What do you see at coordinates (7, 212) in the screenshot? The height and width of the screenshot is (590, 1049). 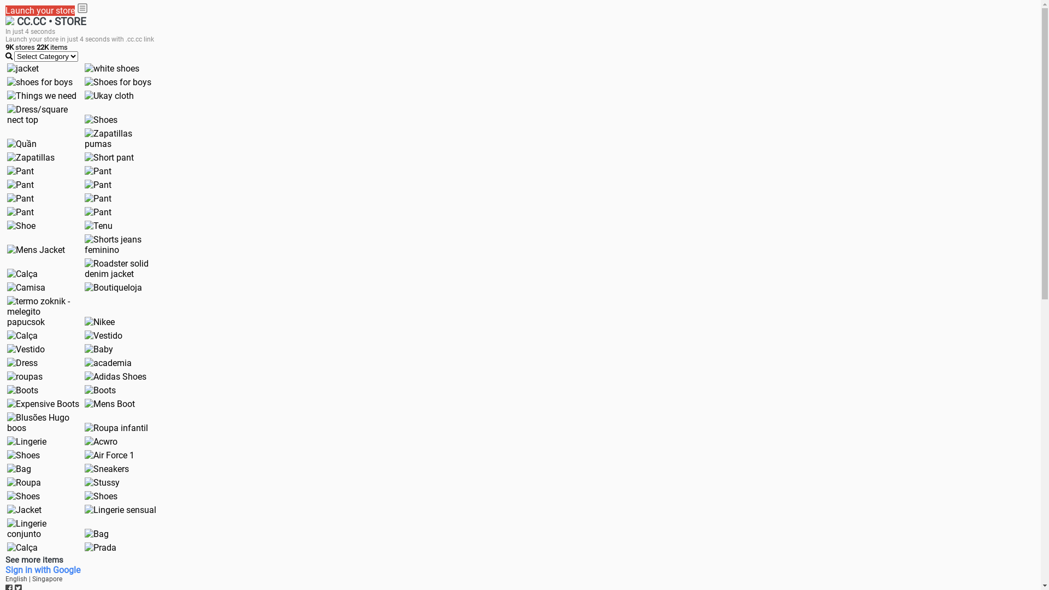 I see `'Pant'` at bounding box center [7, 212].